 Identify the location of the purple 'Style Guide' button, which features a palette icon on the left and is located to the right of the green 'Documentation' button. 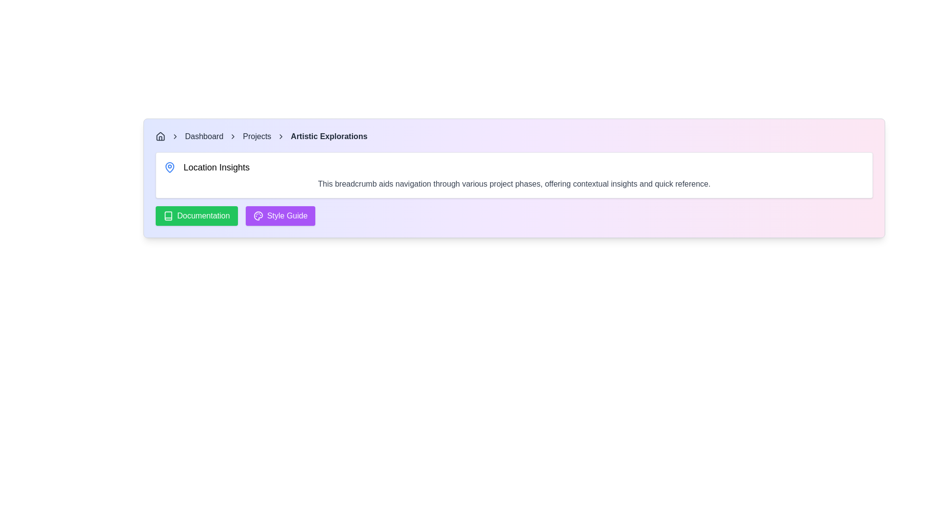
(280, 215).